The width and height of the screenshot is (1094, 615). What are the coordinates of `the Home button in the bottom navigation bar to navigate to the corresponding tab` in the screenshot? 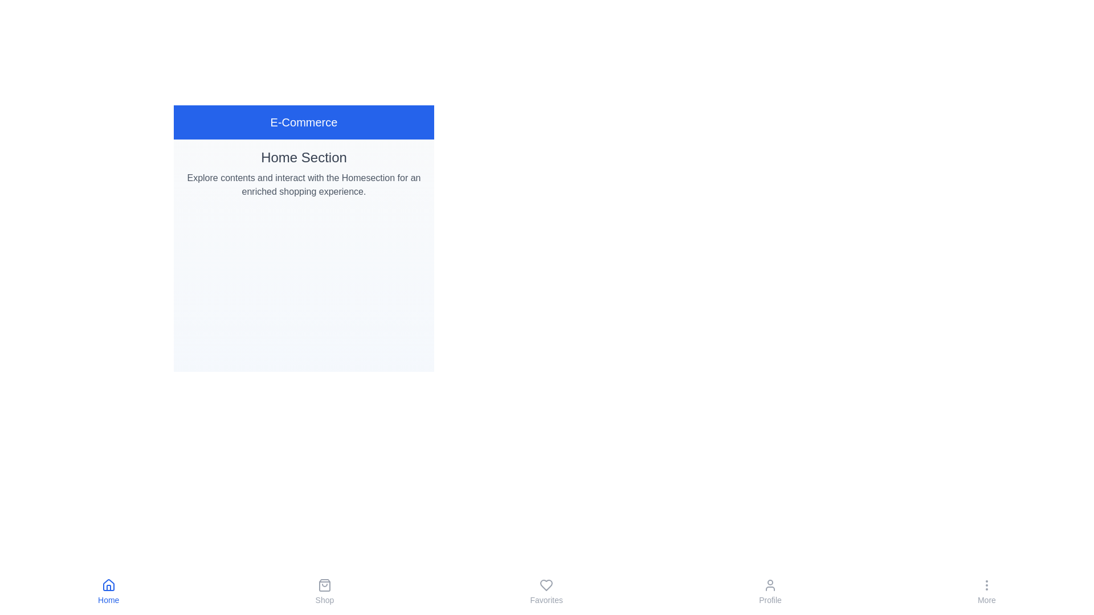 It's located at (108, 592).